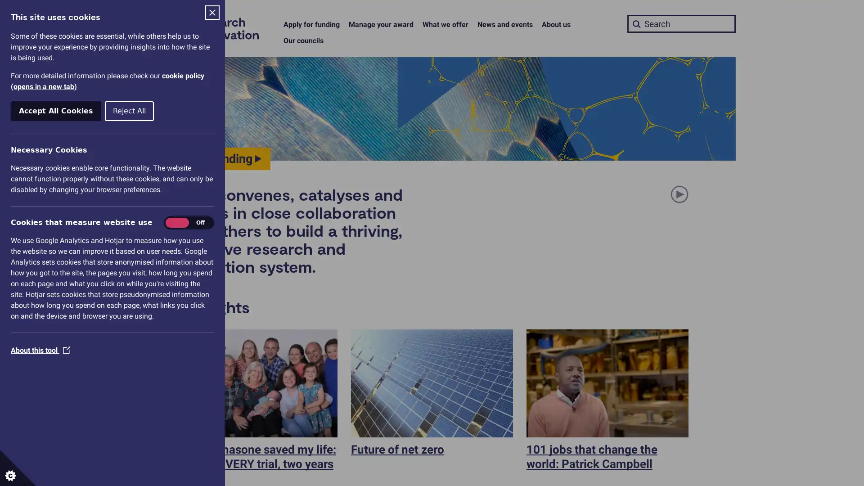  What do you see at coordinates (211, 12) in the screenshot?
I see `Close` at bounding box center [211, 12].